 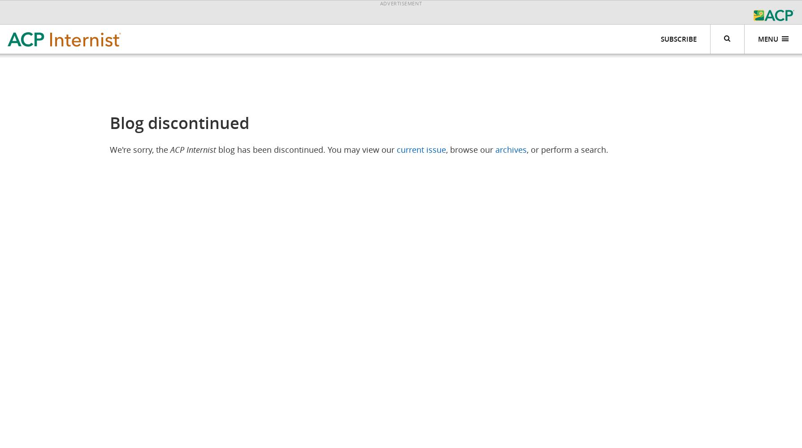 What do you see at coordinates (677, 39) in the screenshot?
I see `'Subscribe'` at bounding box center [677, 39].